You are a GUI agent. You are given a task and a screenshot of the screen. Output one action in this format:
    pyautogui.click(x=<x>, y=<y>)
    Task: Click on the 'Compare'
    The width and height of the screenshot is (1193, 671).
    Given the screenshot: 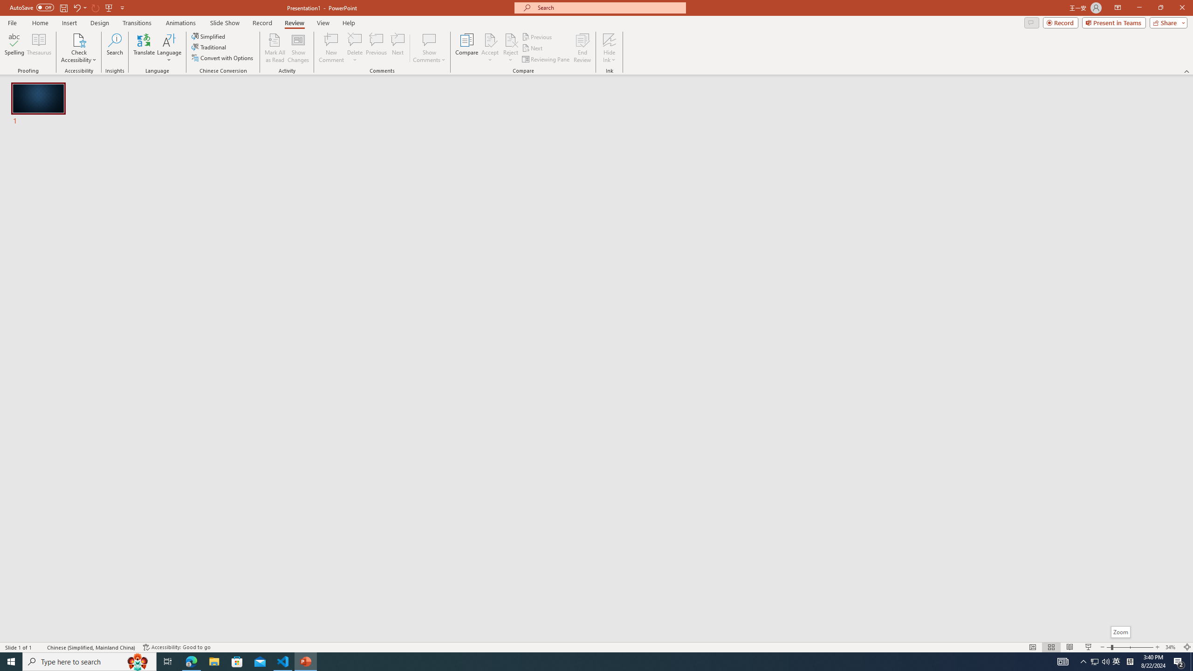 What is the action you would take?
    pyautogui.click(x=467, y=48)
    